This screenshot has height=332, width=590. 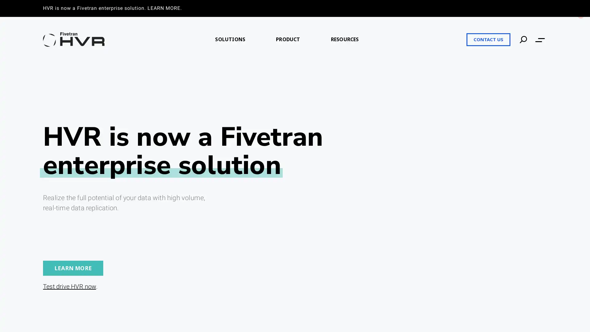 What do you see at coordinates (540, 39) in the screenshot?
I see `OPEN MAIN NAVIGATION` at bounding box center [540, 39].